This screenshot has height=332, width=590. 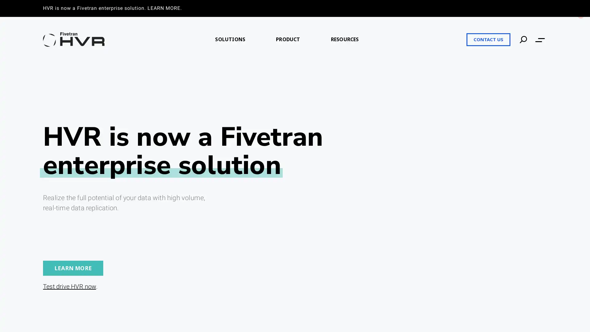 What do you see at coordinates (540, 39) in the screenshot?
I see `OPEN MAIN NAVIGATION` at bounding box center [540, 39].